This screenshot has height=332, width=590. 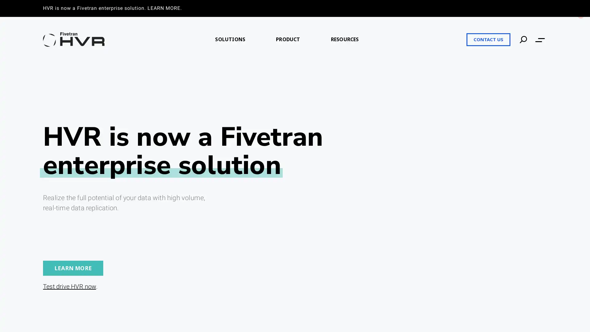 What do you see at coordinates (540, 39) in the screenshot?
I see `OPEN MAIN NAVIGATION` at bounding box center [540, 39].